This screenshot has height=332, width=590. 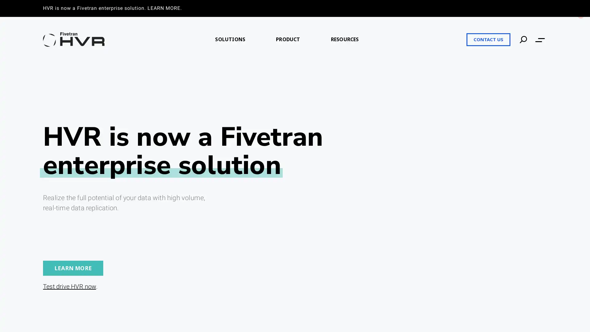 What do you see at coordinates (540, 39) in the screenshot?
I see `OPEN MAIN NAVIGATION` at bounding box center [540, 39].